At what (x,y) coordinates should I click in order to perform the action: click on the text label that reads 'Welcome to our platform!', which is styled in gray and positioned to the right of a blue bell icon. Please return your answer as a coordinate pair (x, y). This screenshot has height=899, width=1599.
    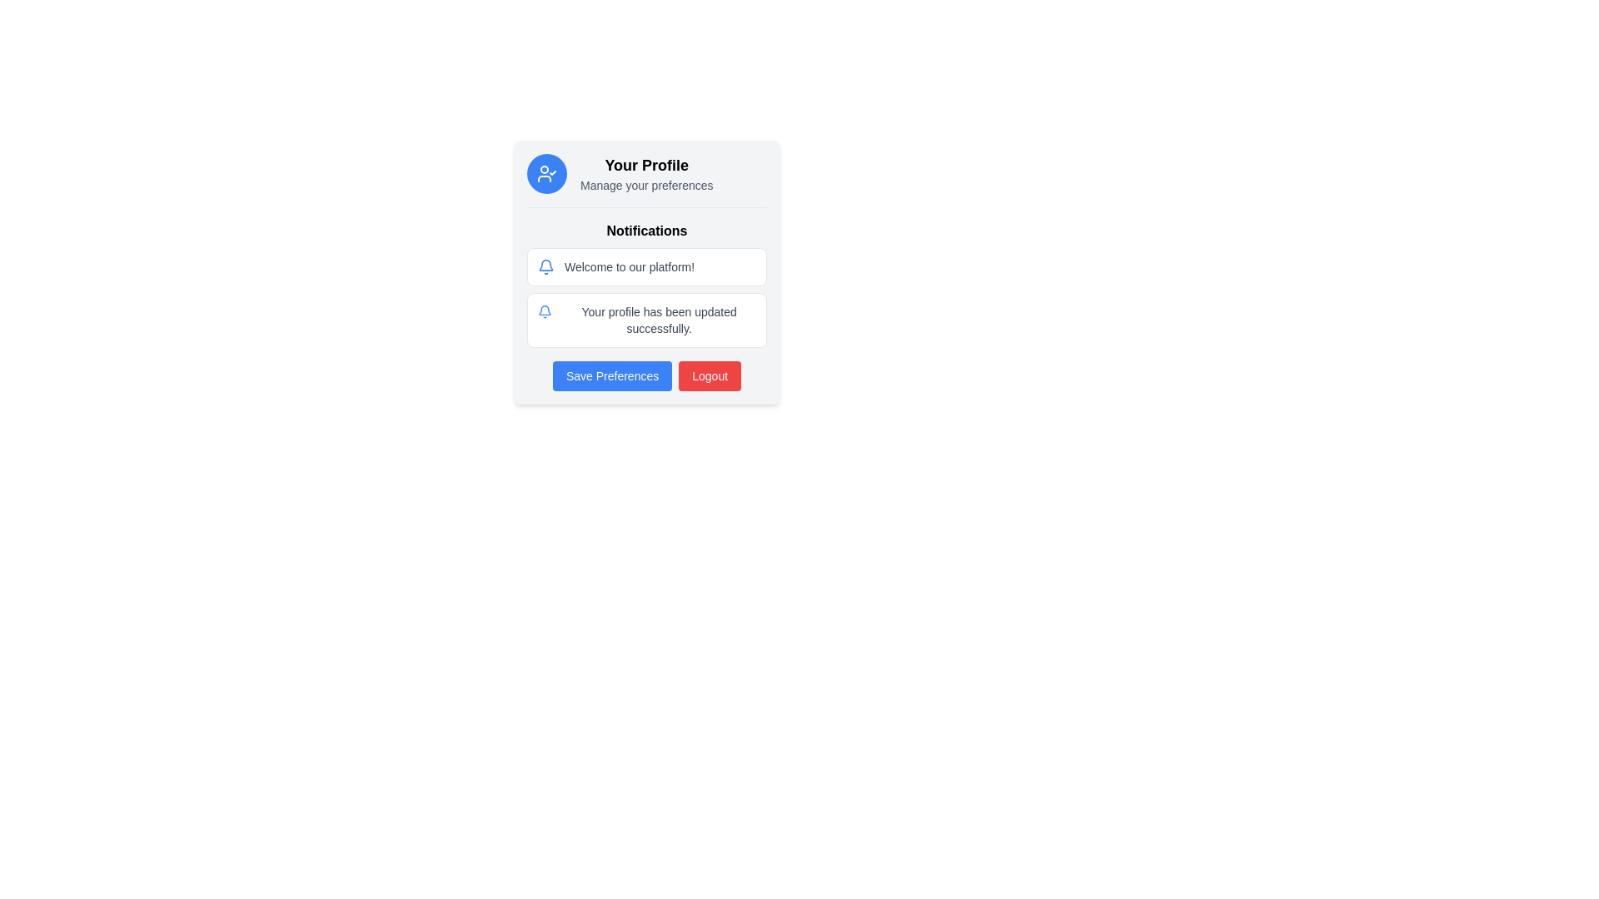
    Looking at the image, I should click on (629, 266).